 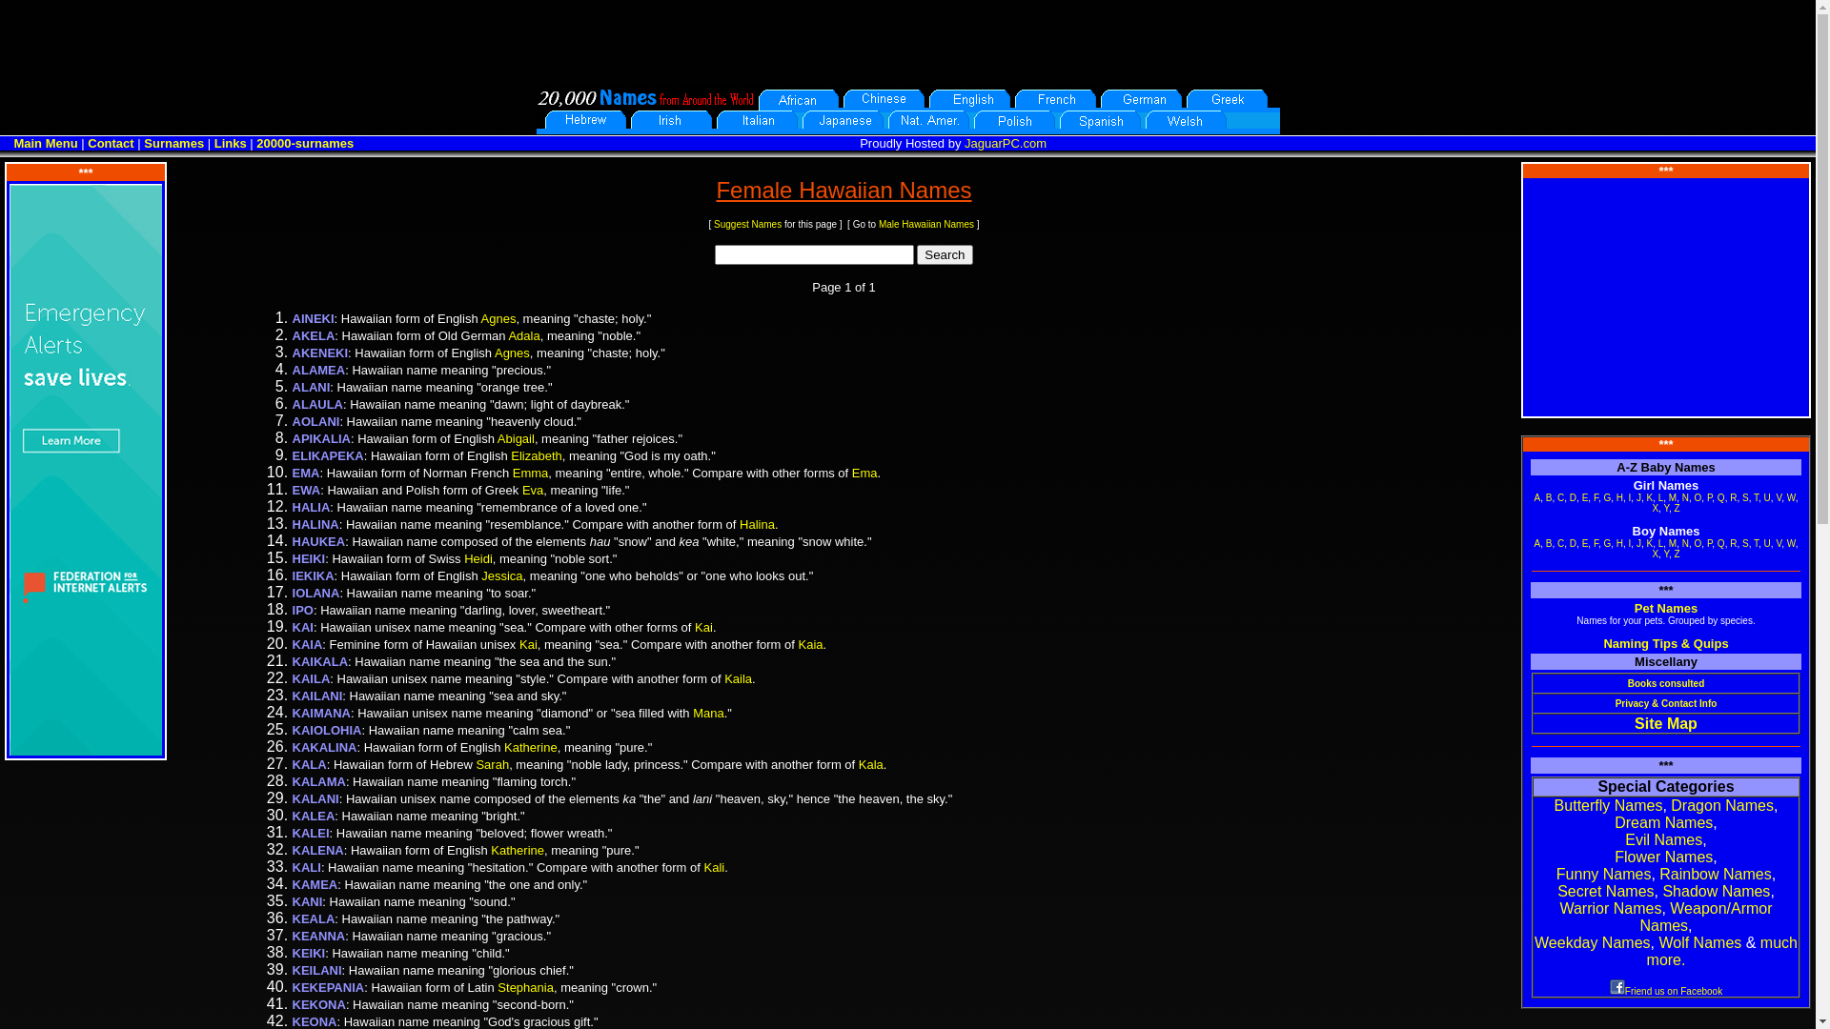 What do you see at coordinates (1573, 543) in the screenshot?
I see `'D'` at bounding box center [1573, 543].